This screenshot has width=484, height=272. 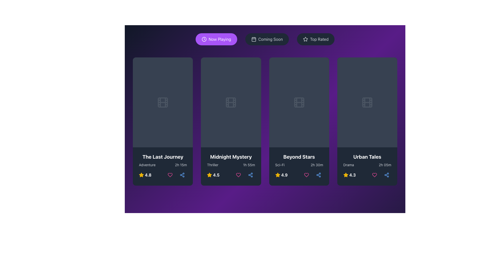 What do you see at coordinates (254, 39) in the screenshot?
I see `the calendar icon within the 'Coming Soon' button located in the top navigation bar` at bounding box center [254, 39].